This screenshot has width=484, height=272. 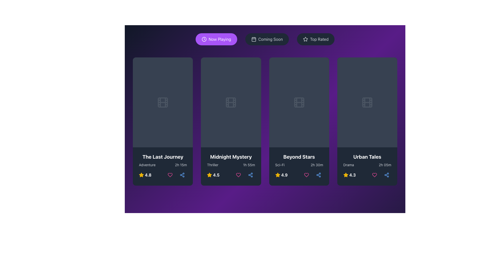 What do you see at coordinates (254, 39) in the screenshot?
I see `the calendar icon within the 'Coming Soon' button located in the top navigation bar` at bounding box center [254, 39].